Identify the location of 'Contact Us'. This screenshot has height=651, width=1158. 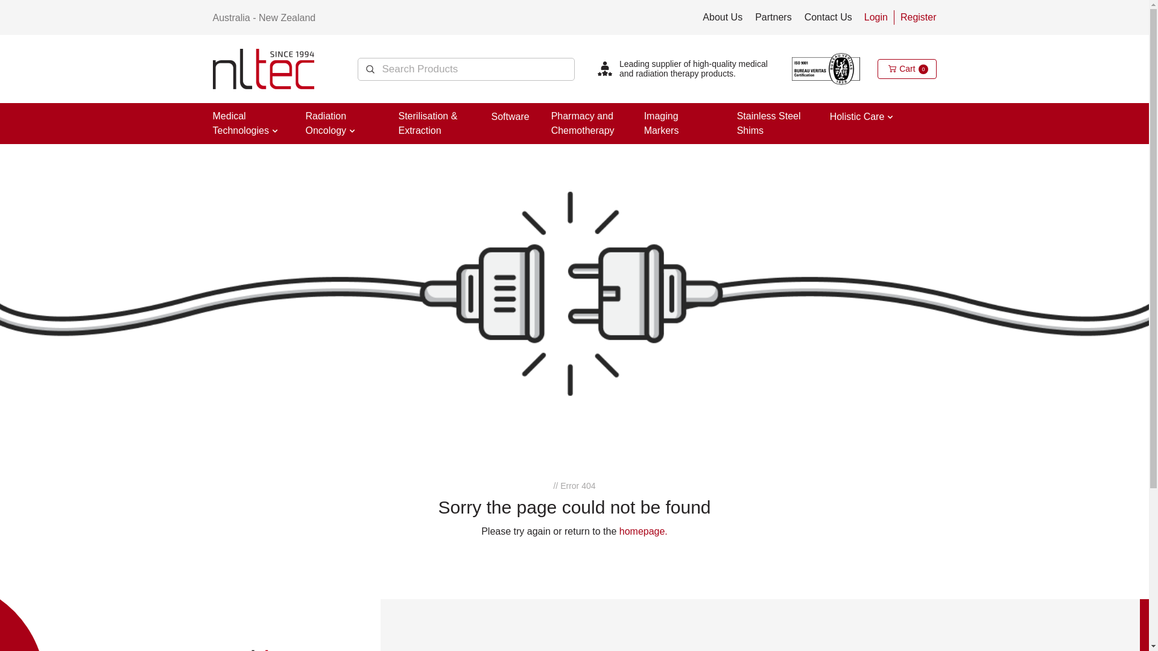
(827, 17).